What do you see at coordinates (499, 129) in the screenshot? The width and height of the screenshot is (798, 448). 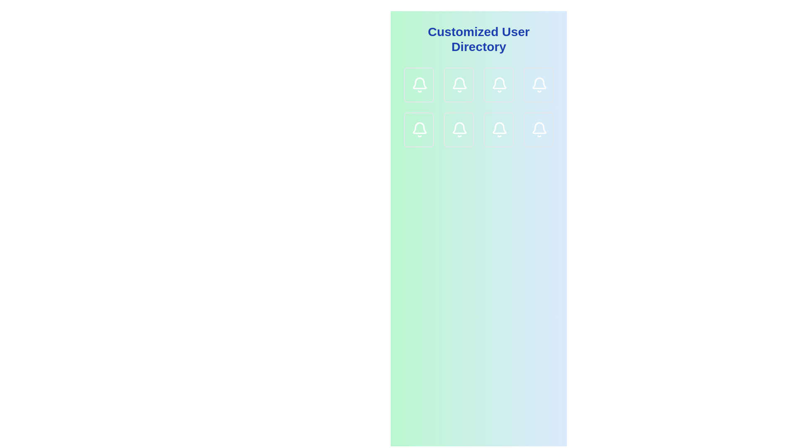 I see `the third card in the second row of the grid layout, which serves as a selection button for viewing notifications or enabling alerts` at bounding box center [499, 129].